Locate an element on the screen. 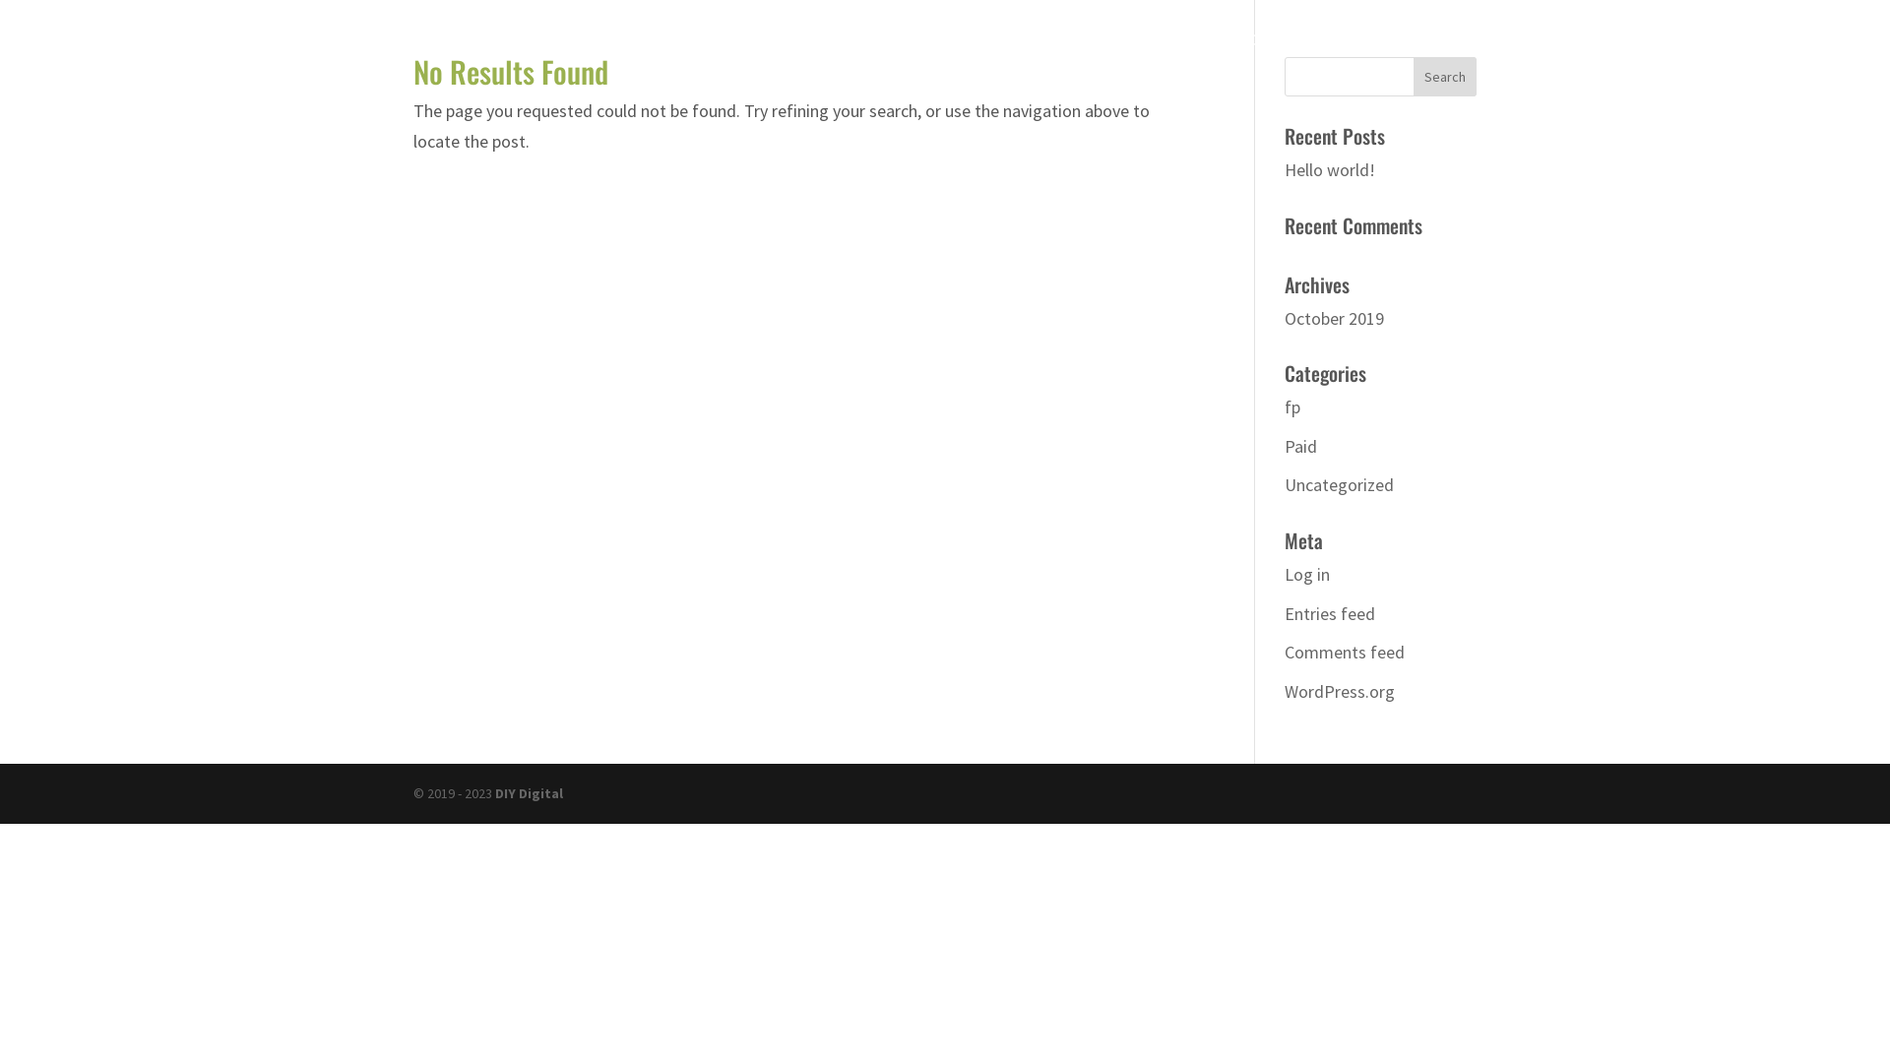 This screenshot has width=1890, height=1063. 'Search' is located at coordinates (1412, 75).